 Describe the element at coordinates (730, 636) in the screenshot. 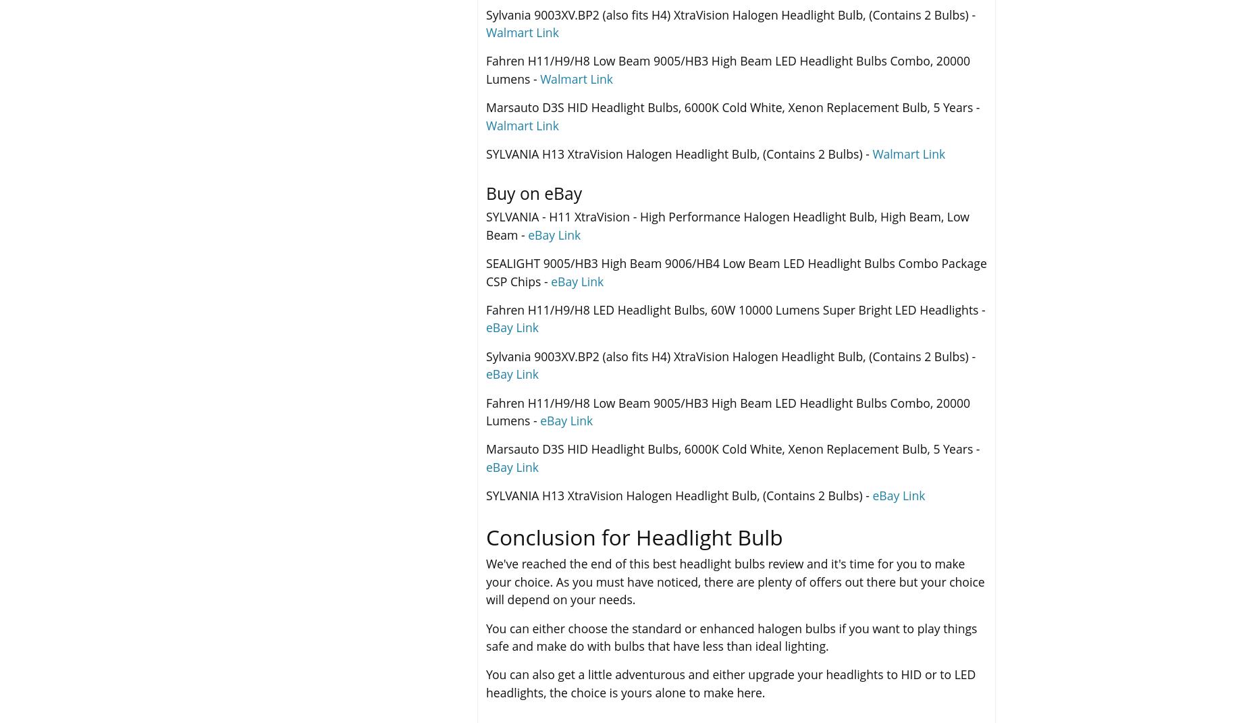

I see `'You can either choose the standard or enhanced halogen bulbs if you want to play things safe and make do with bulbs that have less than ideal lighting.'` at that location.